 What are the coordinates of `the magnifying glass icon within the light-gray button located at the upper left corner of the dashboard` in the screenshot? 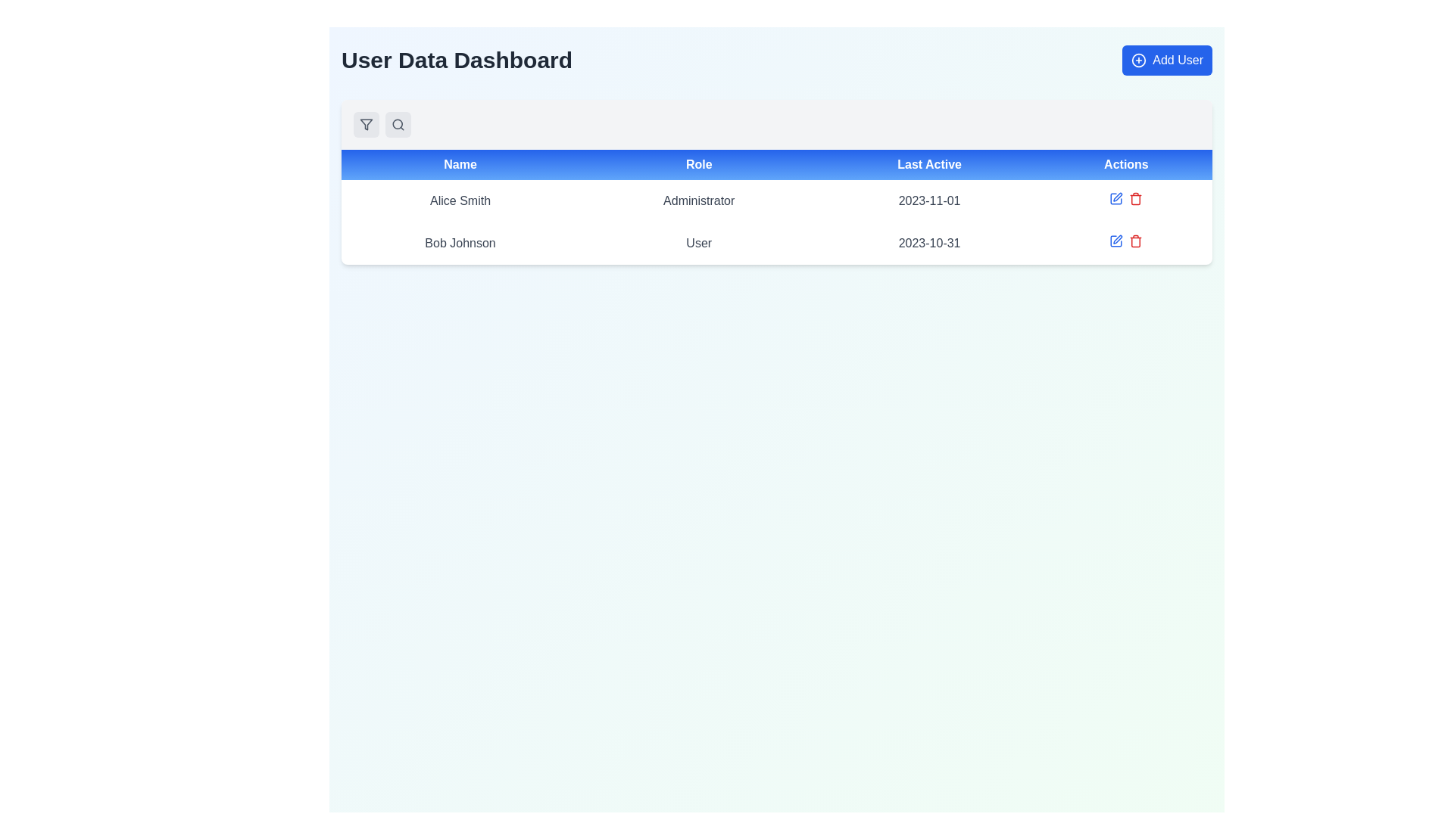 It's located at (398, 124).